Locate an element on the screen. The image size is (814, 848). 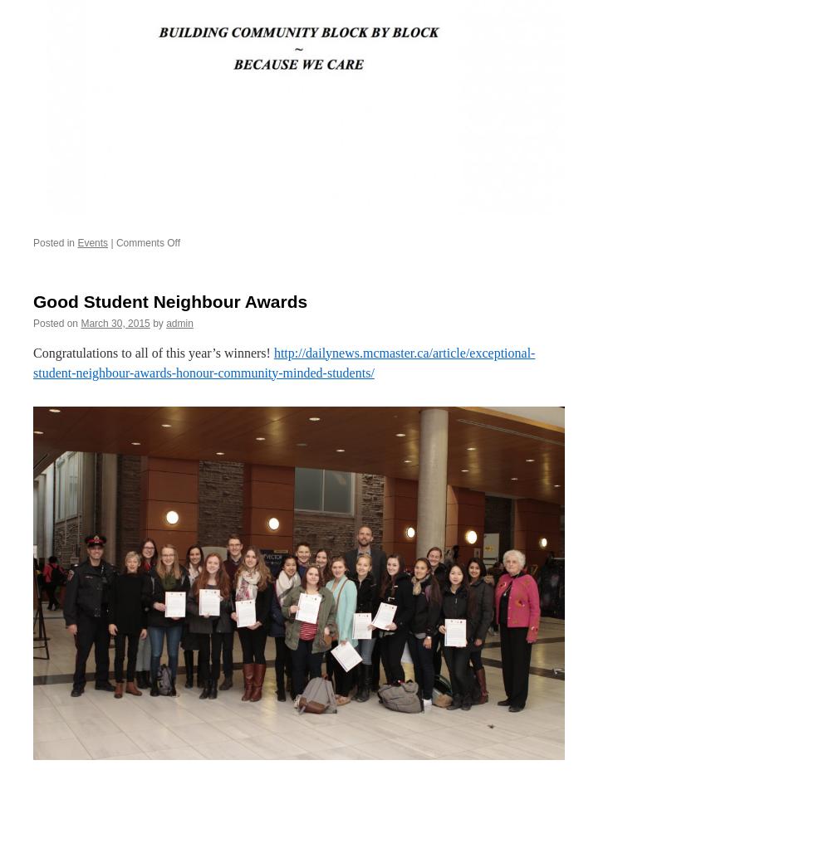
'Comments Off' is located at coordinates (115, 242).